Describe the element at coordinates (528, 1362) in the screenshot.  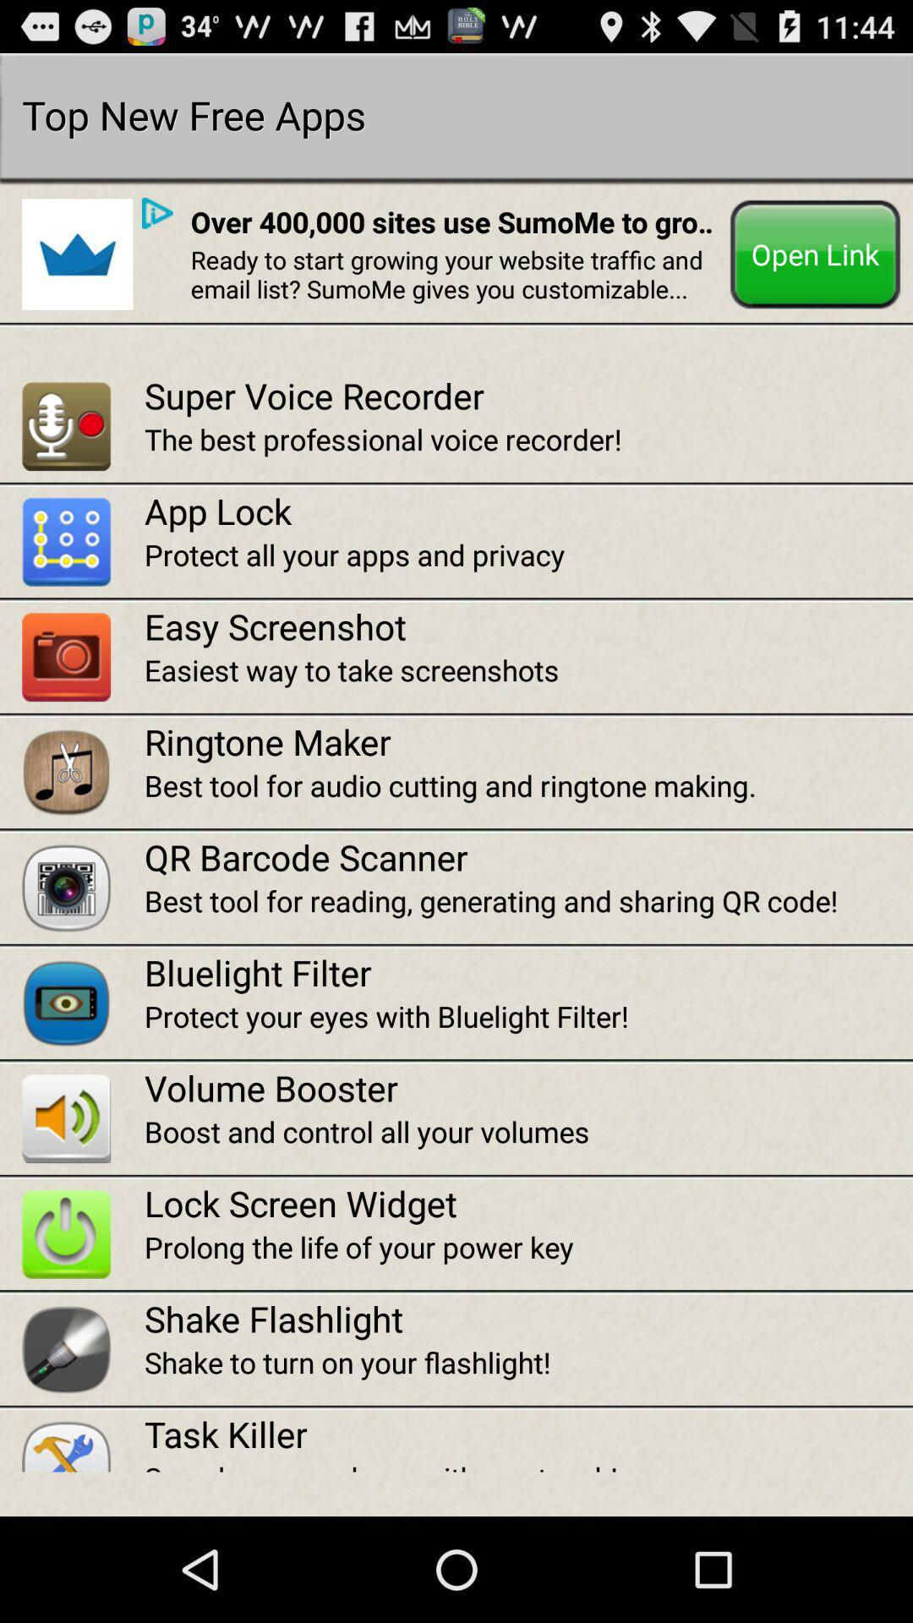
I see `the app below shake flashlight icon` at that location.